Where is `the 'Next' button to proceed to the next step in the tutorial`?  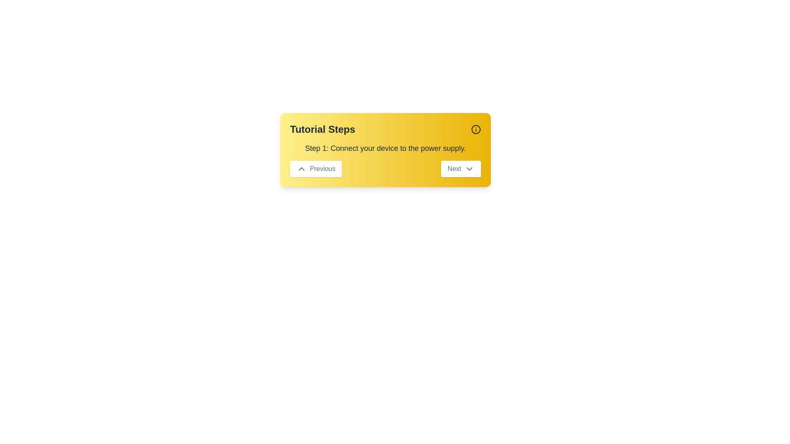
the 'Next' button to proceed to the next step in the tutorial is located at coordinates (460, 169).